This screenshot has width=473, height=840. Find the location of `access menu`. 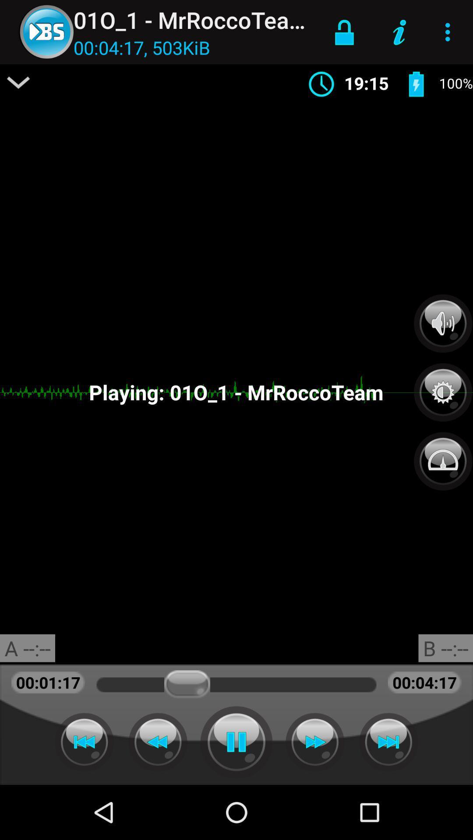

access menu is located at coordinates (18, 82).